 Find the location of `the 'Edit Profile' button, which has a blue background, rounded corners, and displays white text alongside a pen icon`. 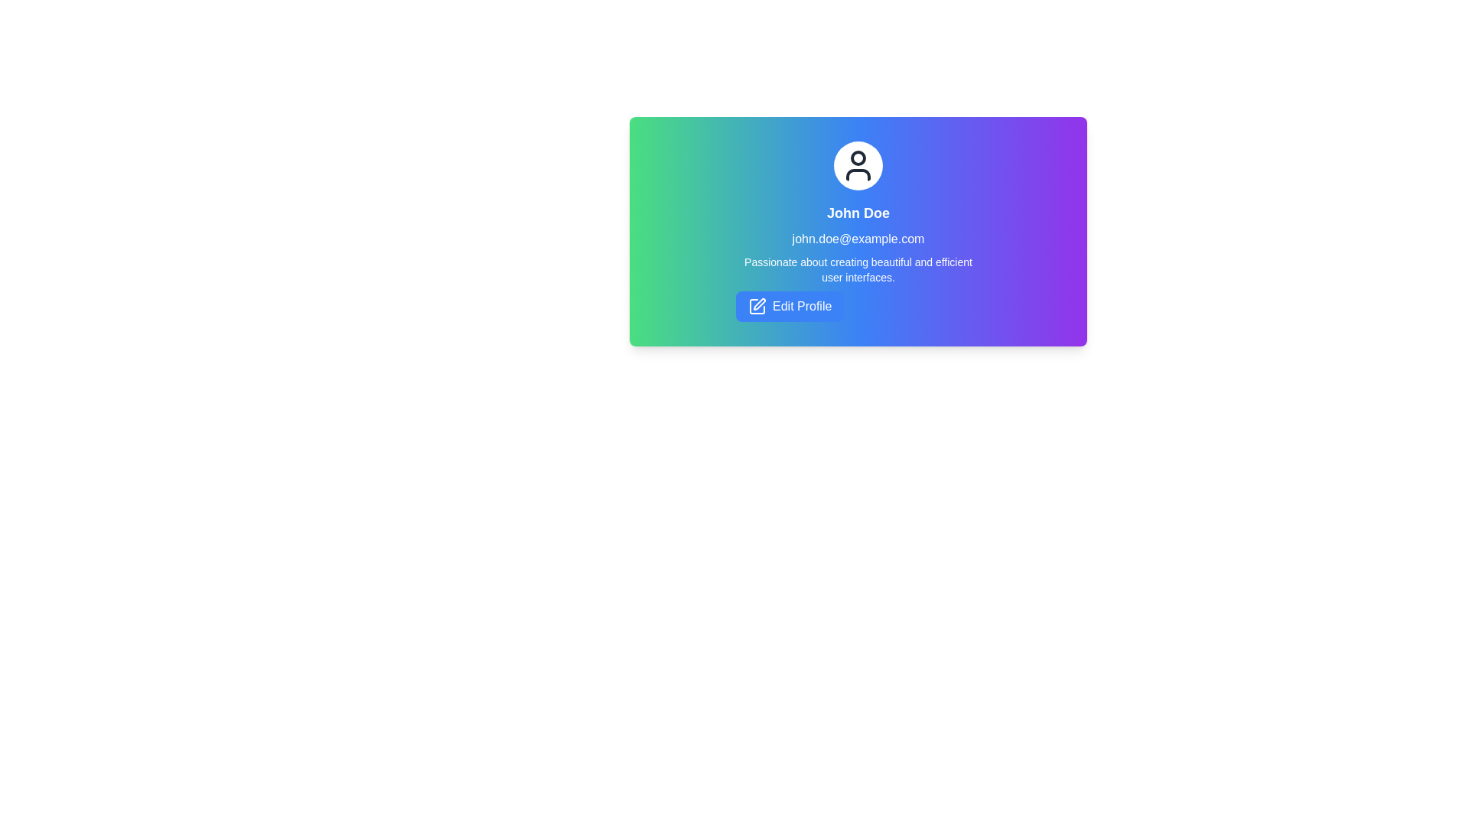

the 'Edit Profile' button, which has a blue background, rounded corners, and displays white text alongside a pen icon is located at coordinates (790, 307).